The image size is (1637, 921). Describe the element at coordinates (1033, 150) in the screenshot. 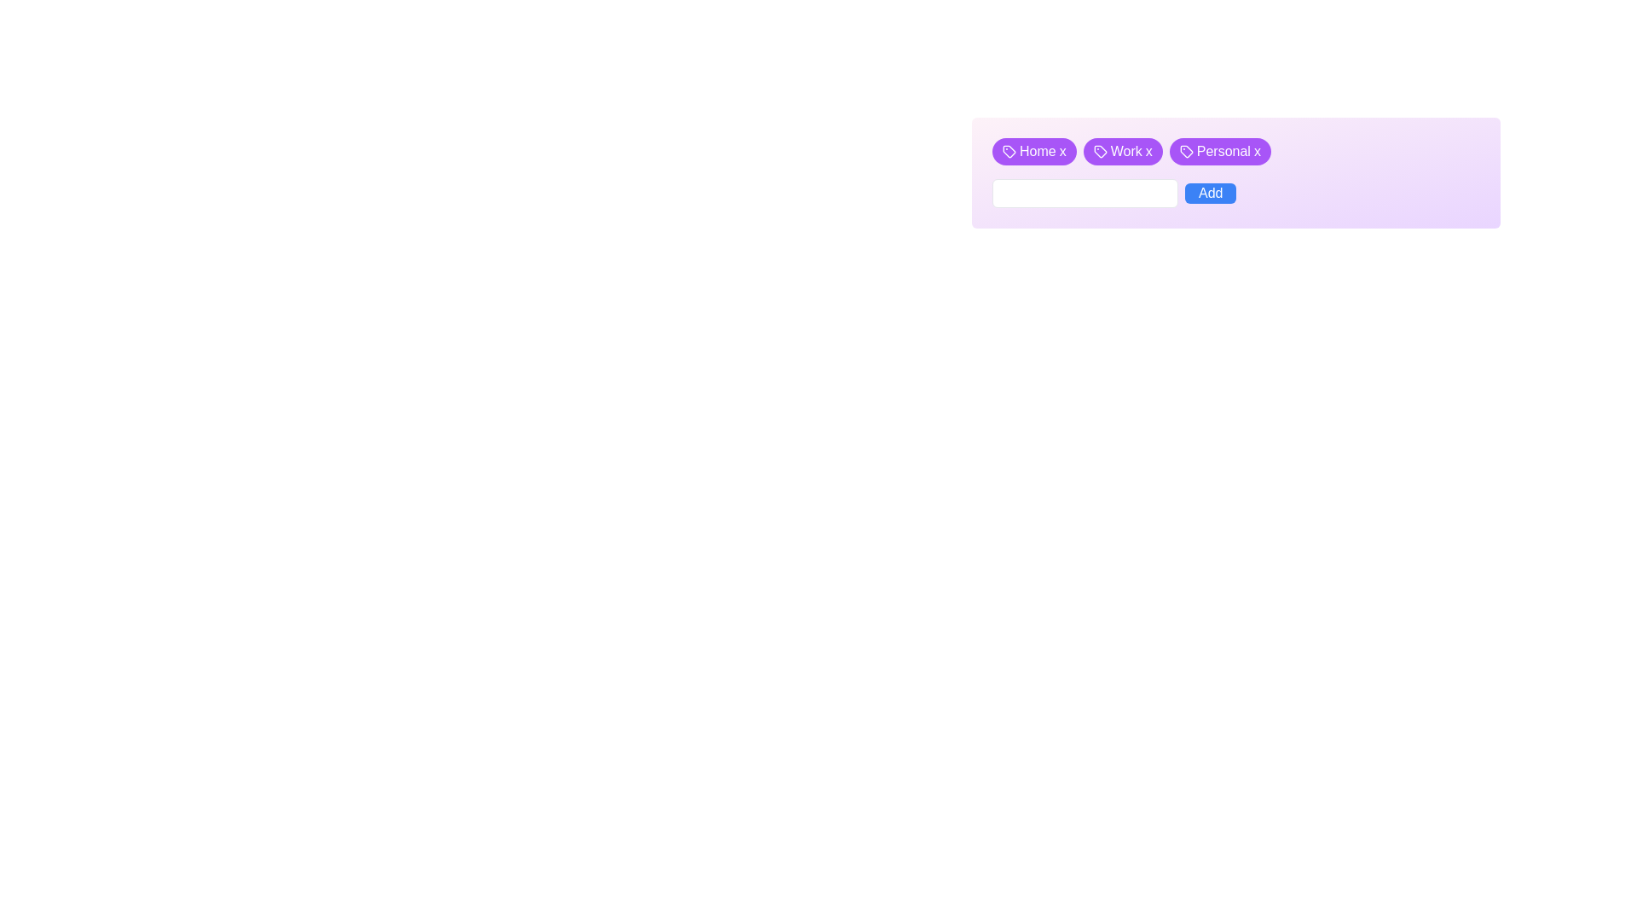

I see `the 'x' icon on the 'Home' tag` at that location.